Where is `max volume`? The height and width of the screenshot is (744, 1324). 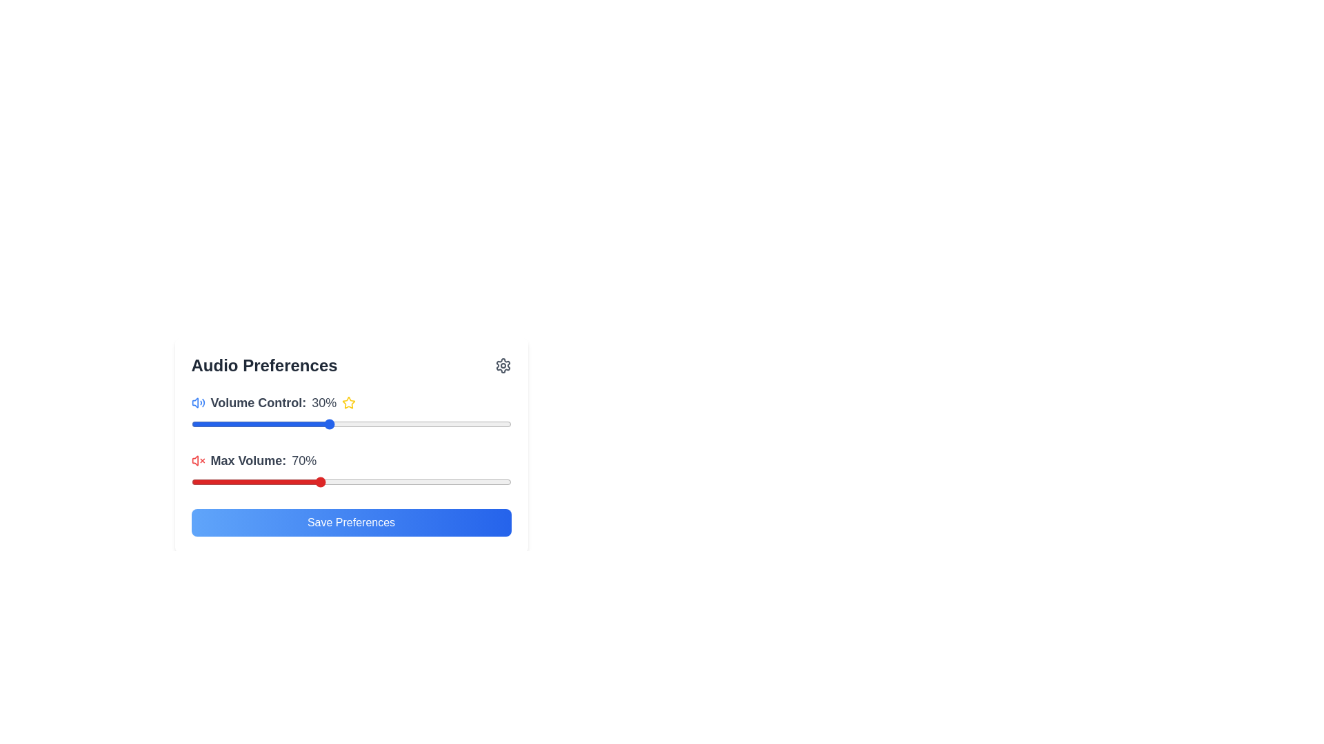 max volume is located at coordinates (242, 481).